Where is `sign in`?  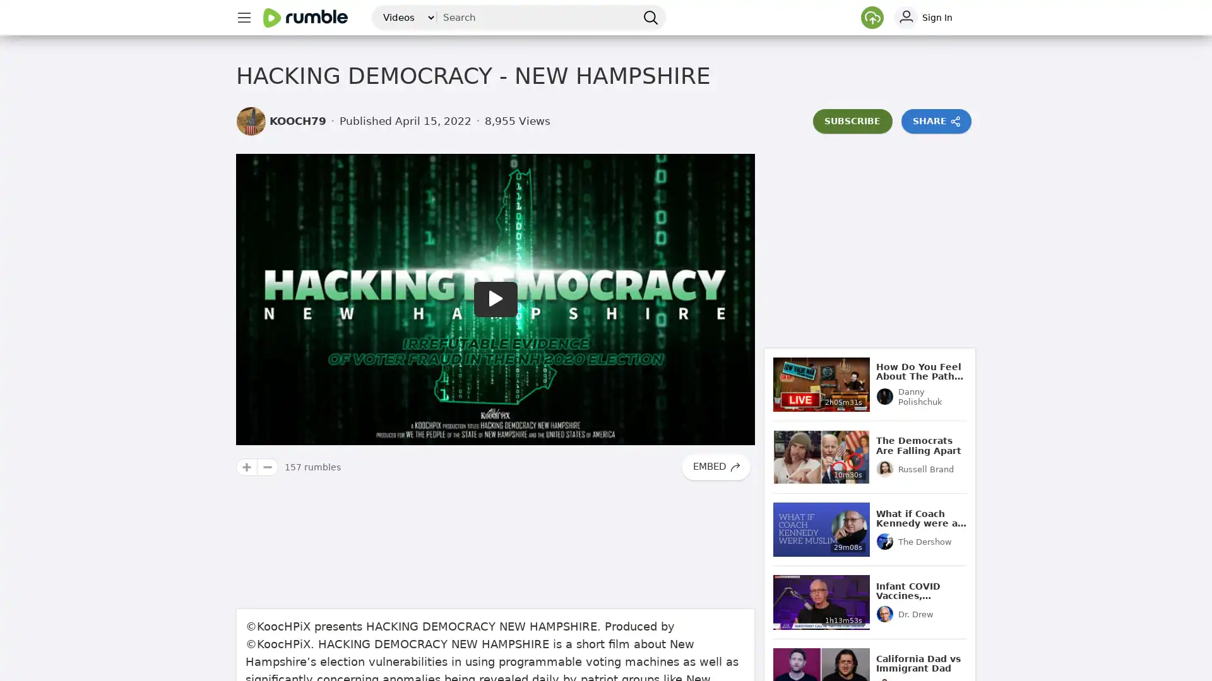 sign in is located at coordinates (934, 17).